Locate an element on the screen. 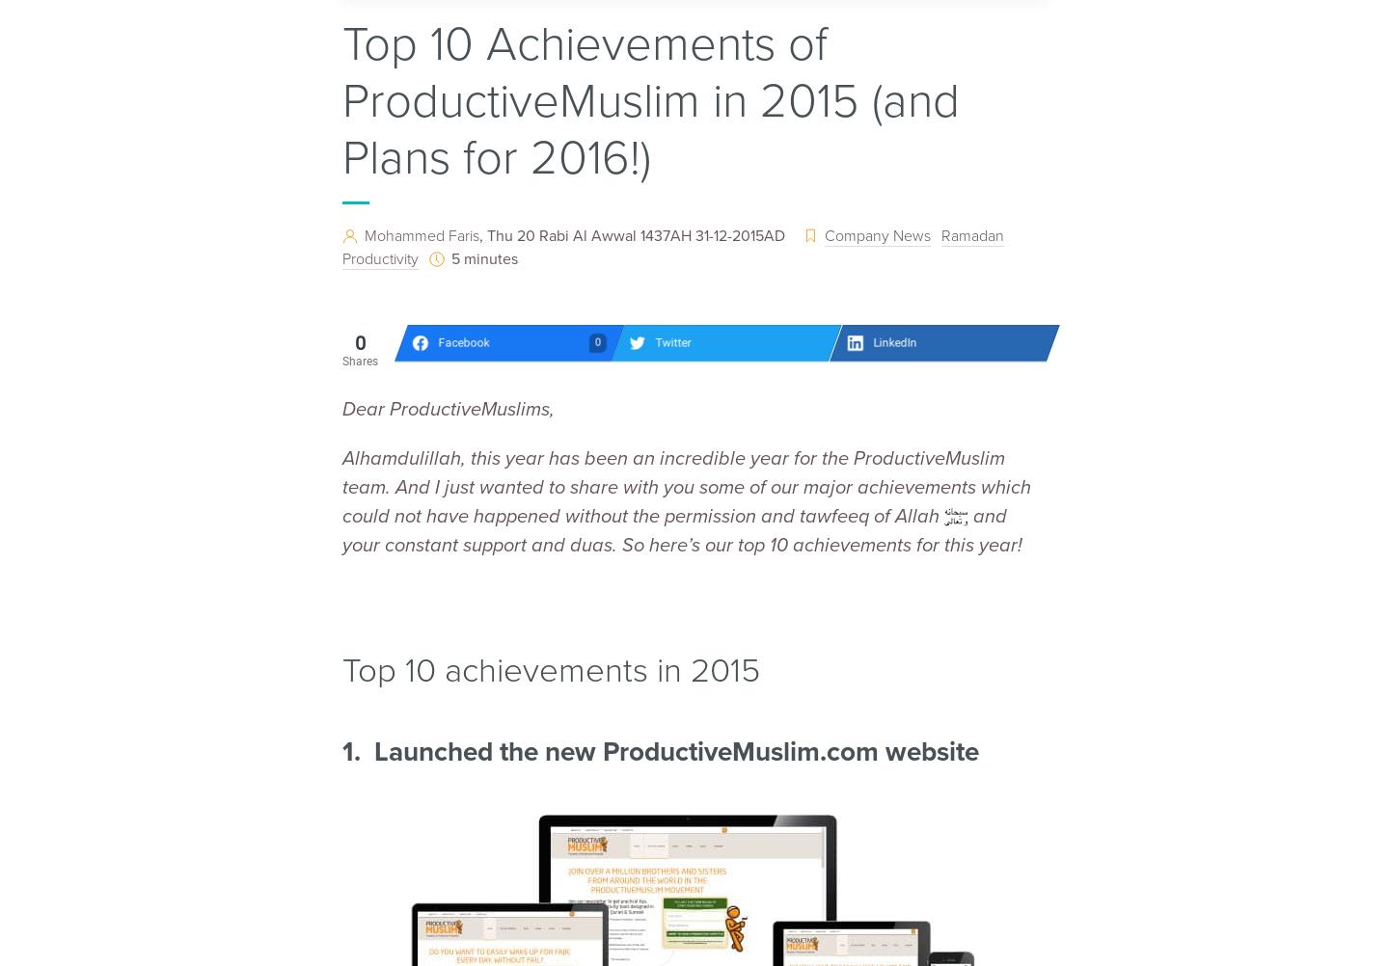  'Top 10 Achievements of ProductiveMuslim in 2015 (and Plans for 2016!)' is located at coordinates (651, 100).